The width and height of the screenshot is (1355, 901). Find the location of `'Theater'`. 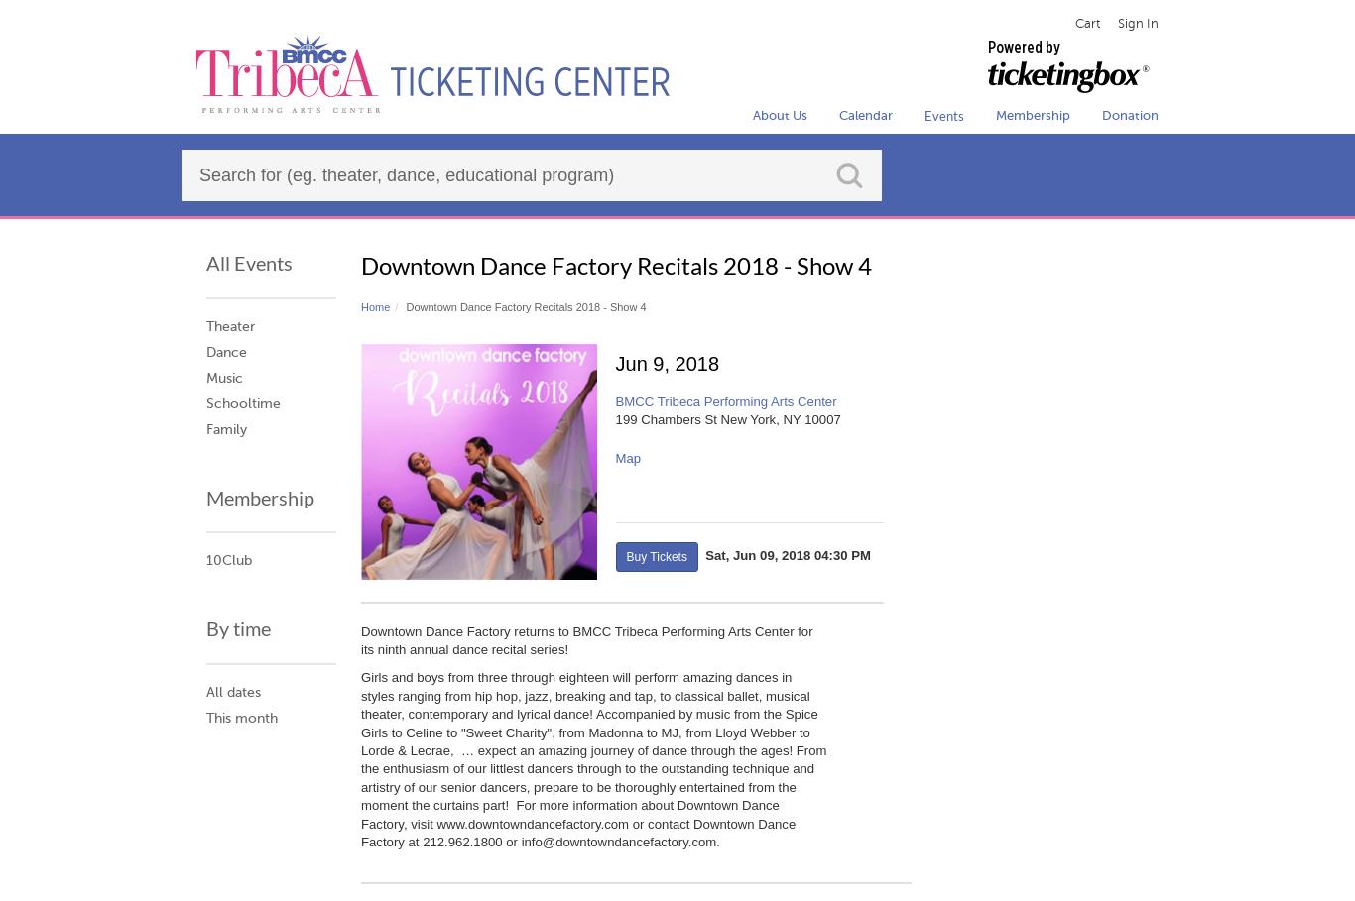

'Theater' is located at coordinates (229, 325).